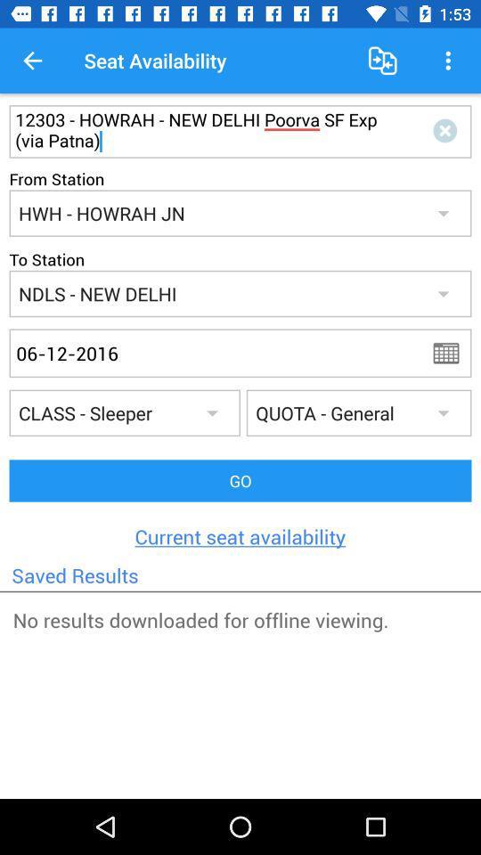 The image size is (481, 855). What do you see at coordinates (452, 352) in the screenshot?
I see `the icon to the right of 06-12-2016 icon` at bounding box center [452, 352].